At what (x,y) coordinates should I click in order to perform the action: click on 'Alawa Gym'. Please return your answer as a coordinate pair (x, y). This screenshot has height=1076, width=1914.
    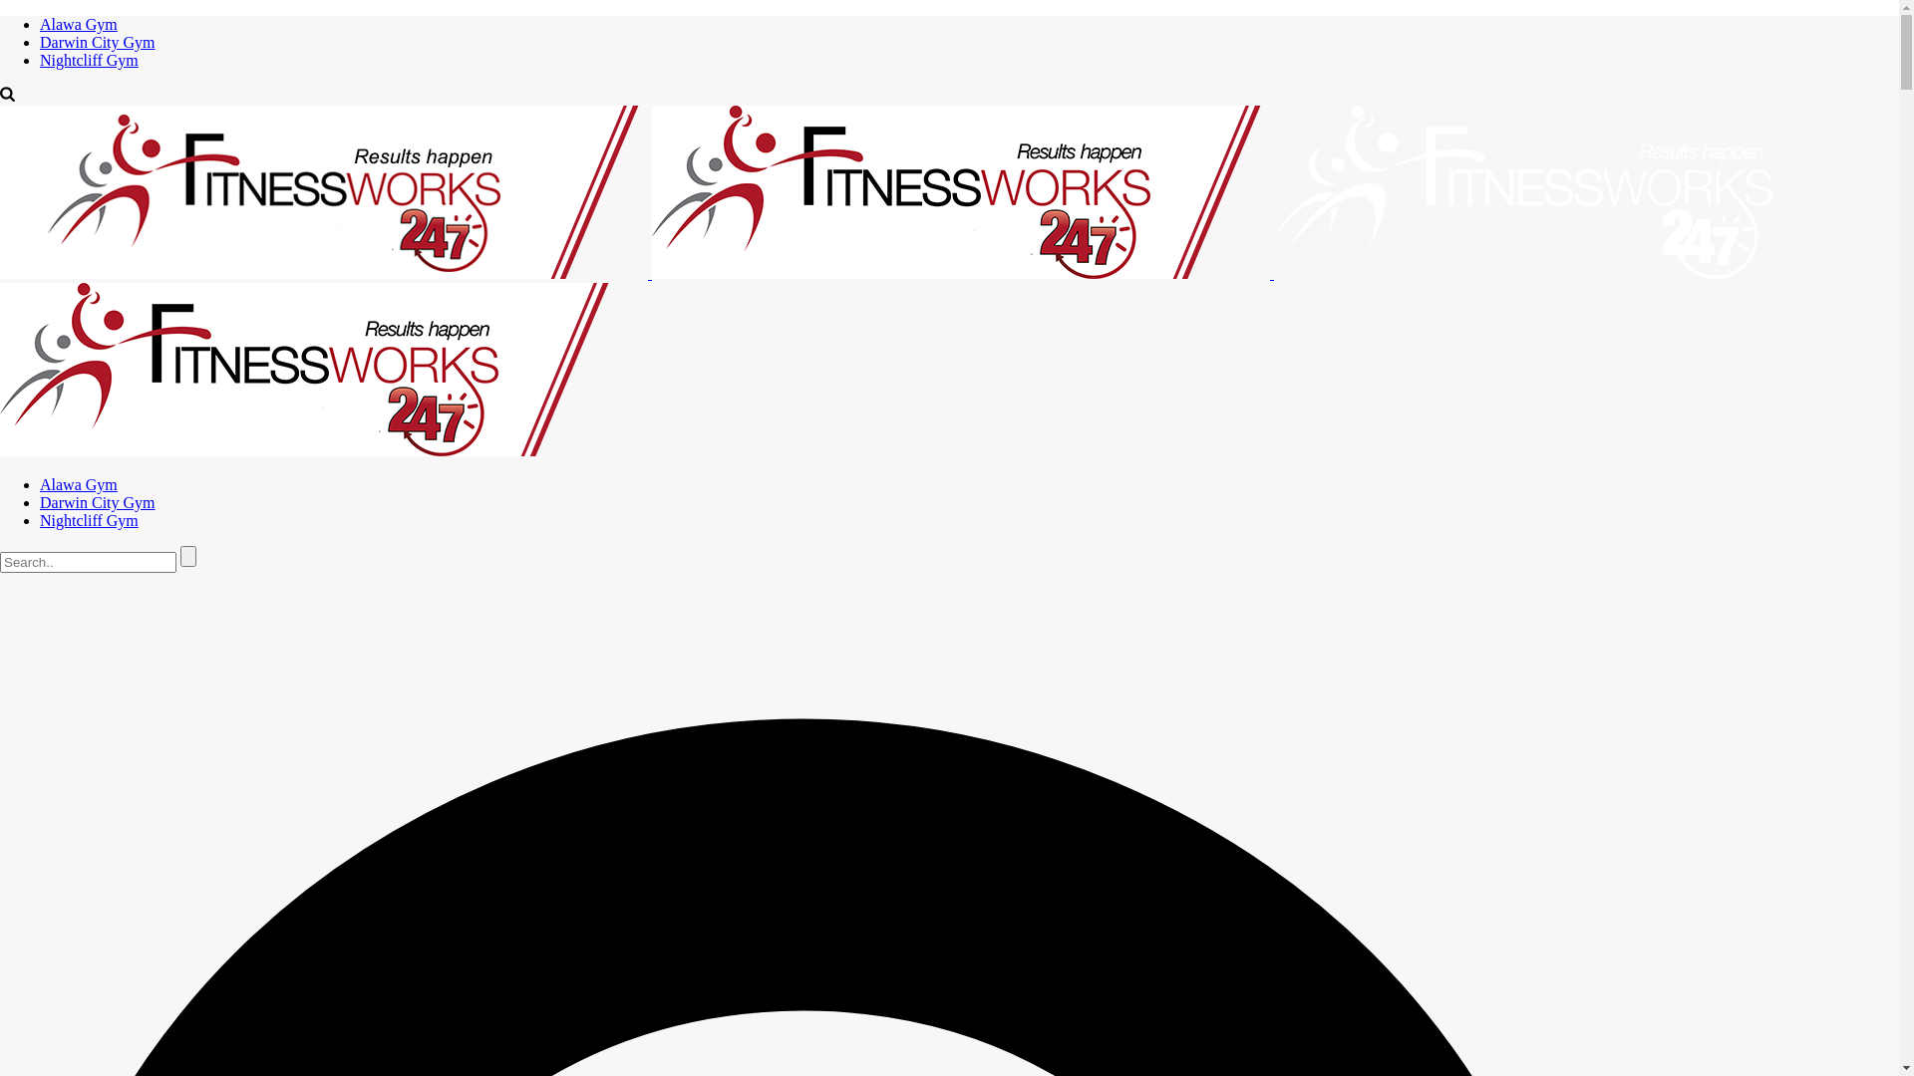
    Looking at the image, I should click on (78, 24).